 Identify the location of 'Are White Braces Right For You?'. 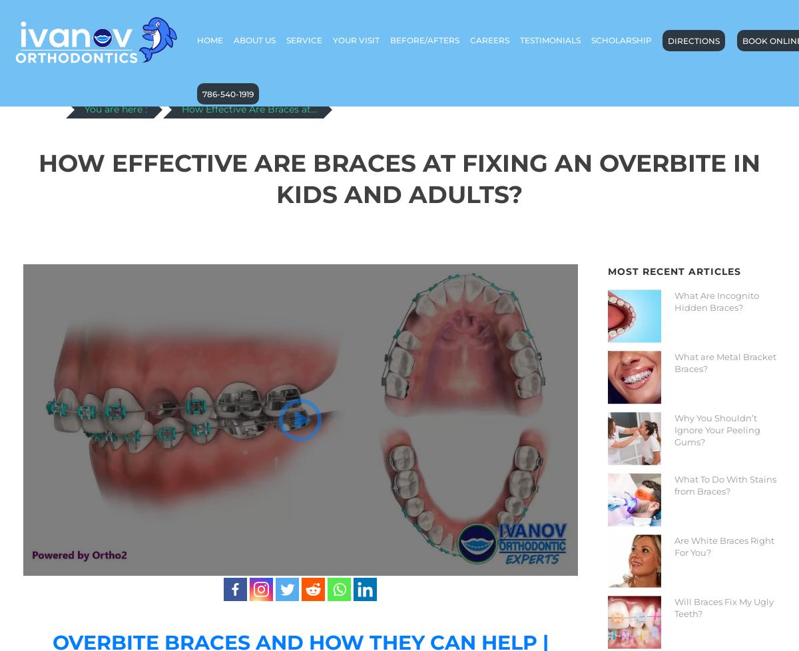
(722, 544).